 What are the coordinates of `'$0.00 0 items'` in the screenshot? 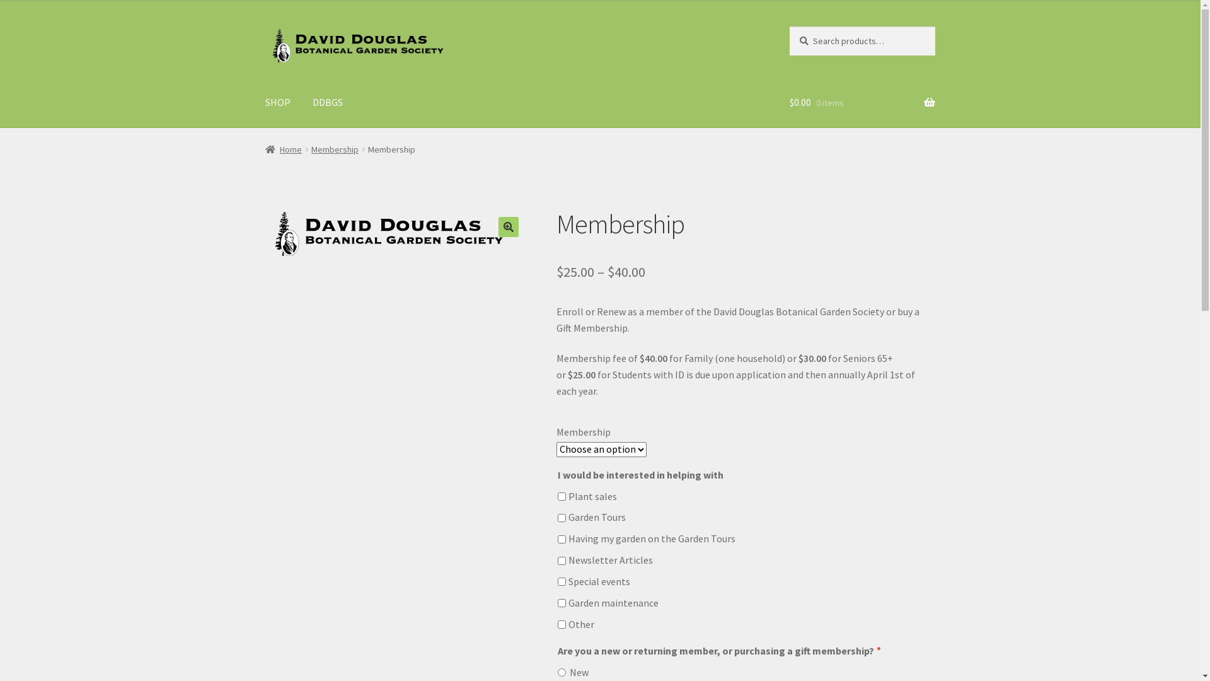 It's located at (861, 103).